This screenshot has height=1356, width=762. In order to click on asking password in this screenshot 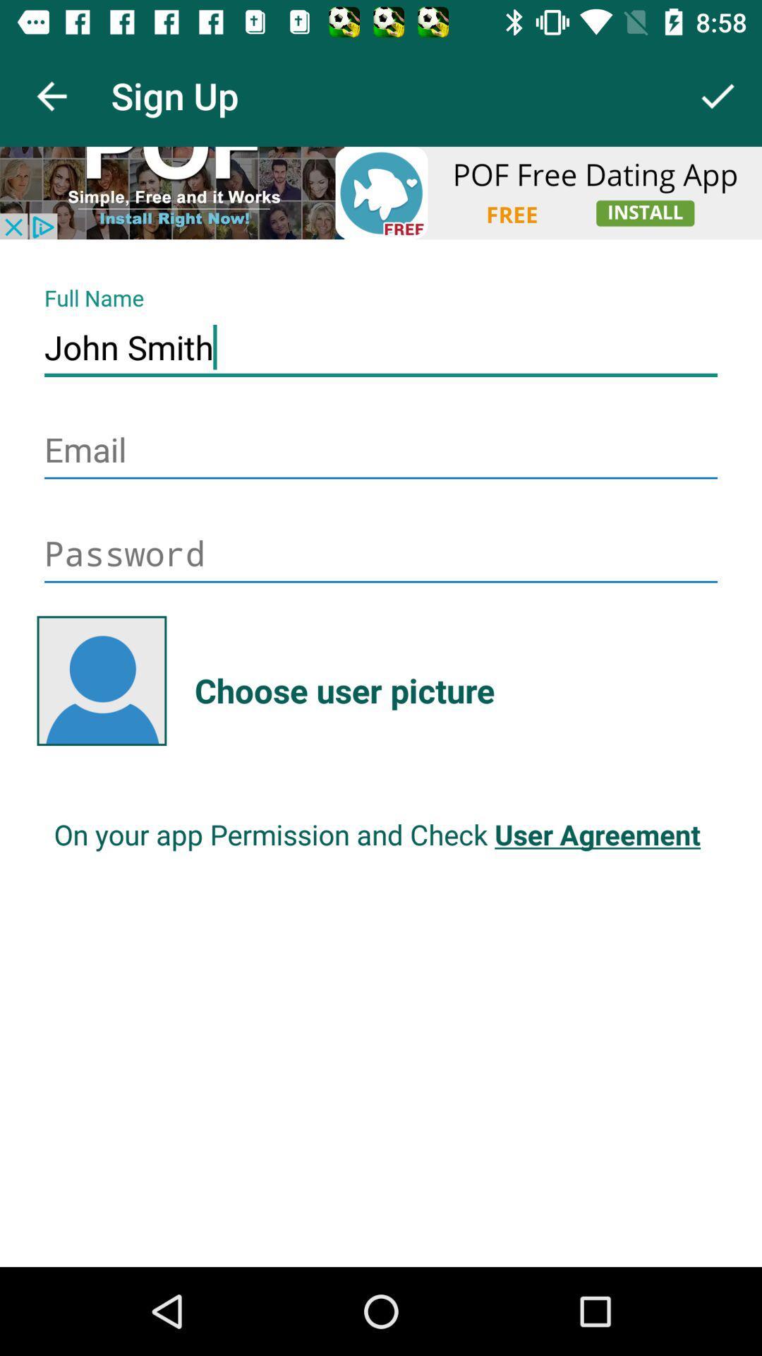, I will do `click(381, 554)`.